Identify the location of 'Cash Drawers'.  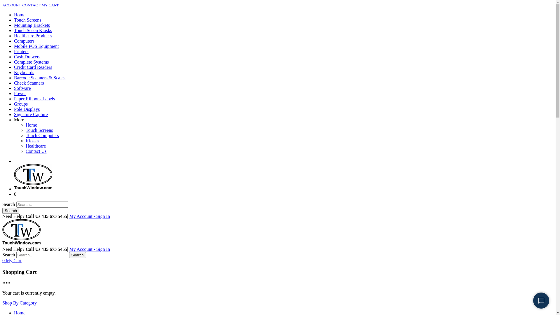
(27, 57).